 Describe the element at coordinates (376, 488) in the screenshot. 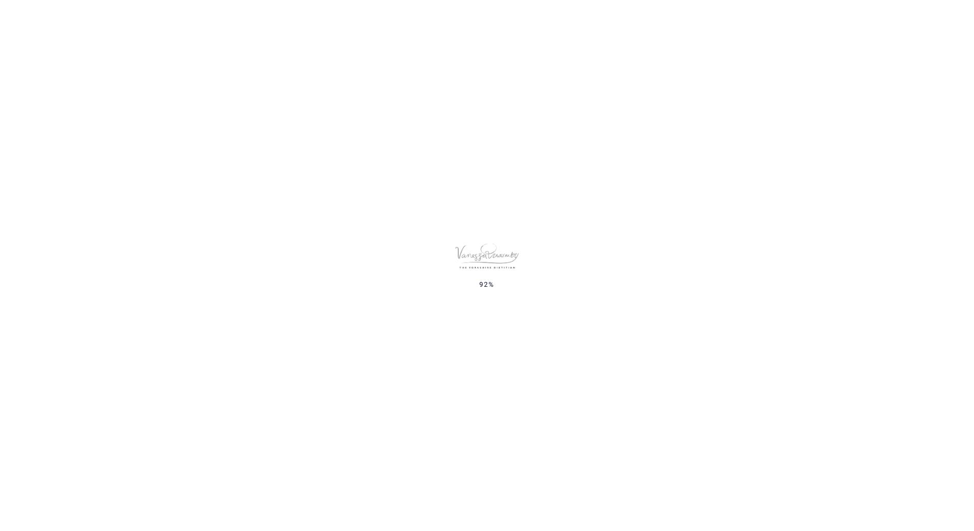

I see `'0 Comments'` at that location.